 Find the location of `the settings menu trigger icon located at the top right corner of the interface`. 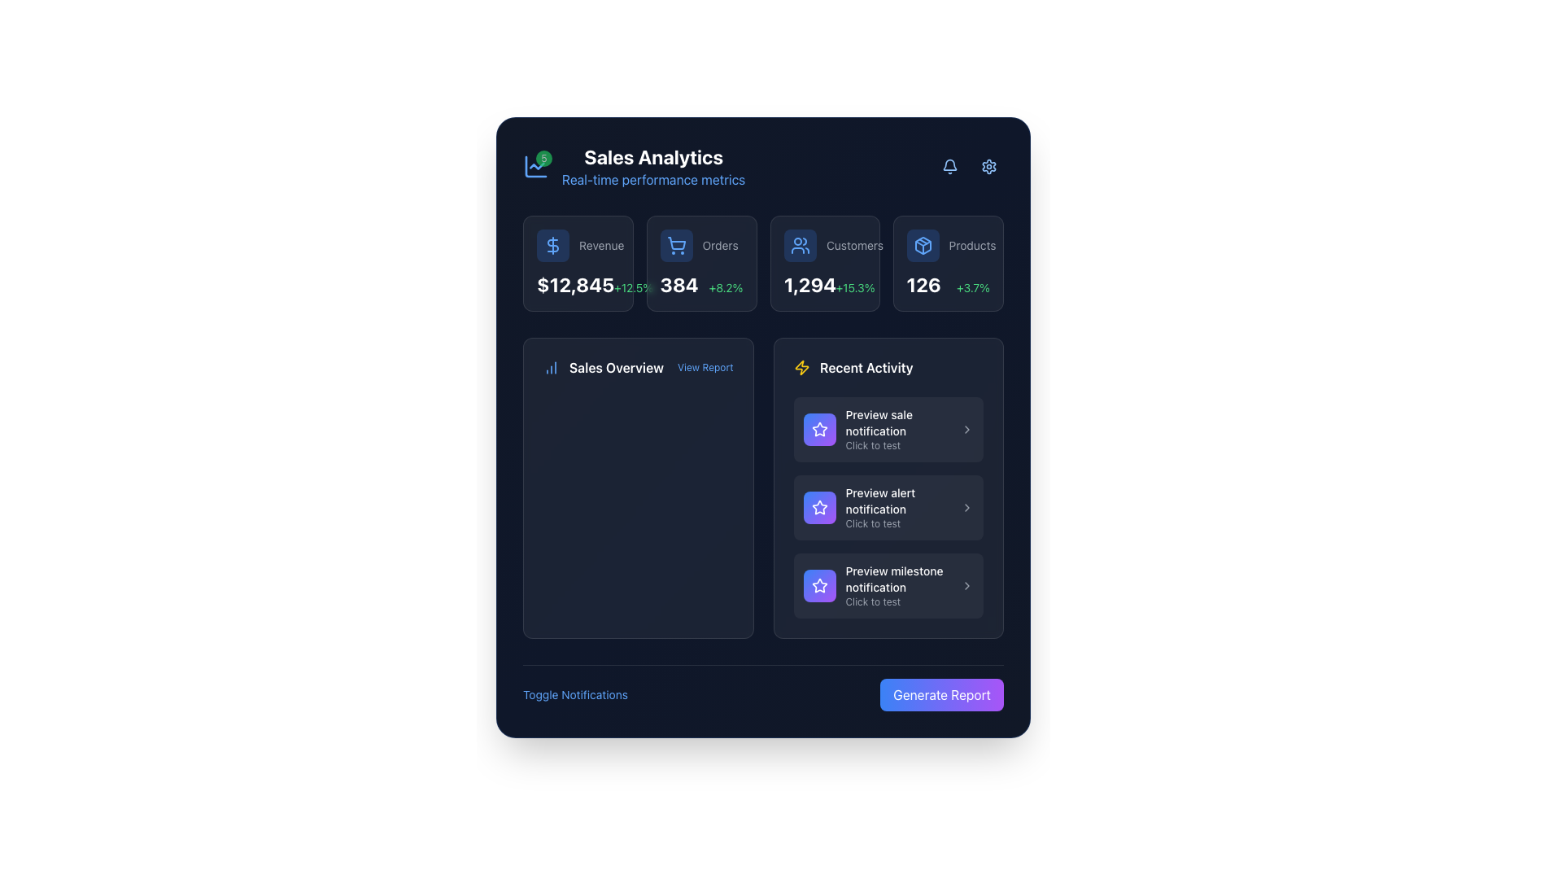

the settings menu trigger icon located at the top right corner of the interface is located at coordinates (988, 166).